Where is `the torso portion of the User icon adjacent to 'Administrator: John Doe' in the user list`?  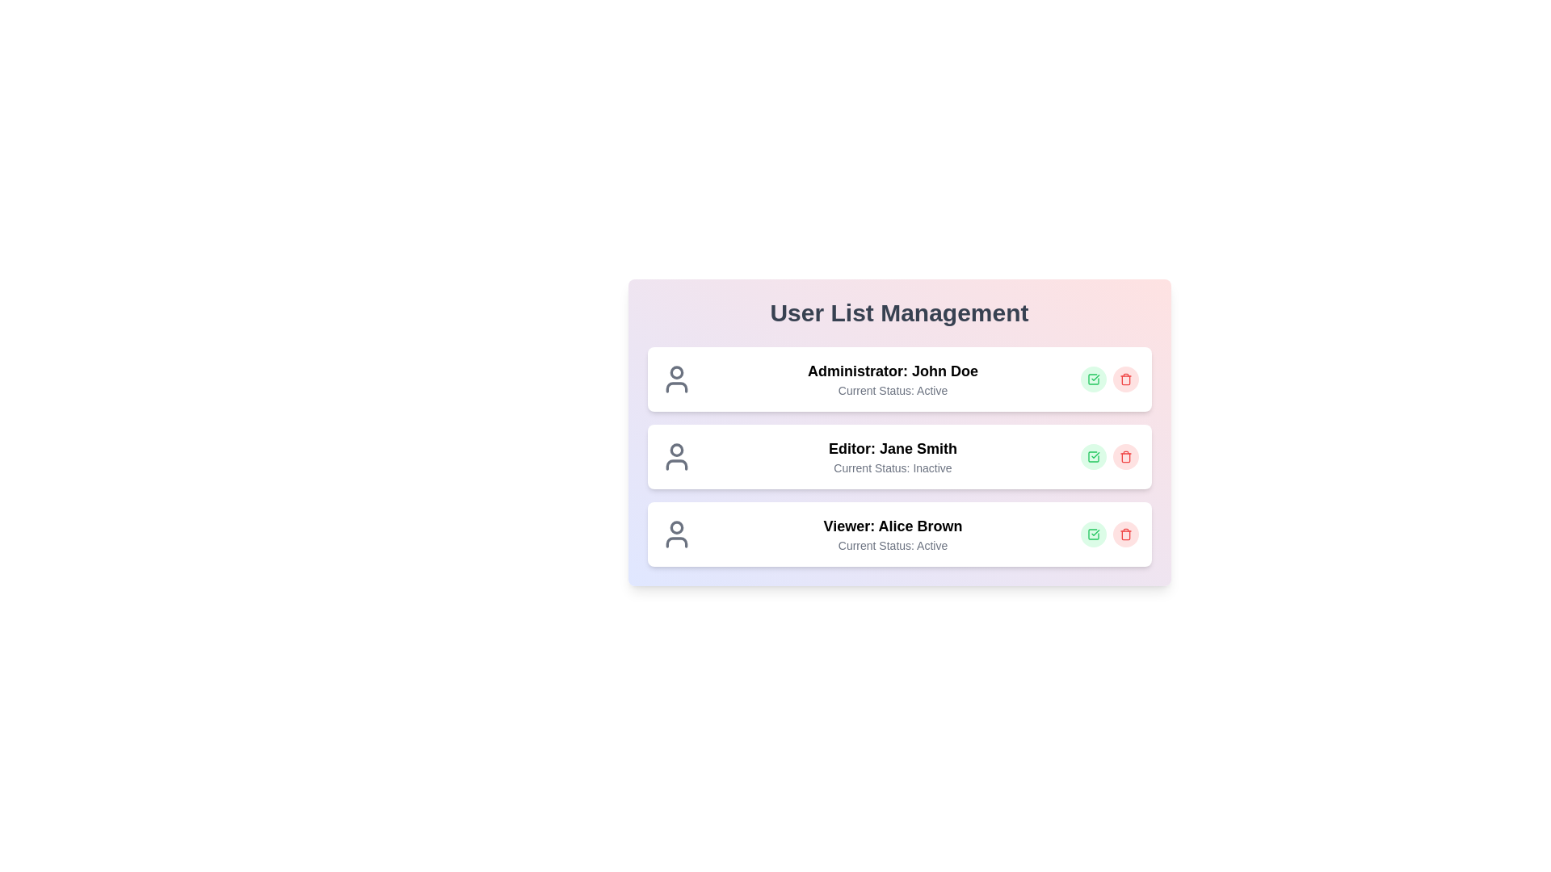 the torso portion of the User icon adjacent to 'Administrator: John Doe' in the user list is located at coordinates (676, 387).